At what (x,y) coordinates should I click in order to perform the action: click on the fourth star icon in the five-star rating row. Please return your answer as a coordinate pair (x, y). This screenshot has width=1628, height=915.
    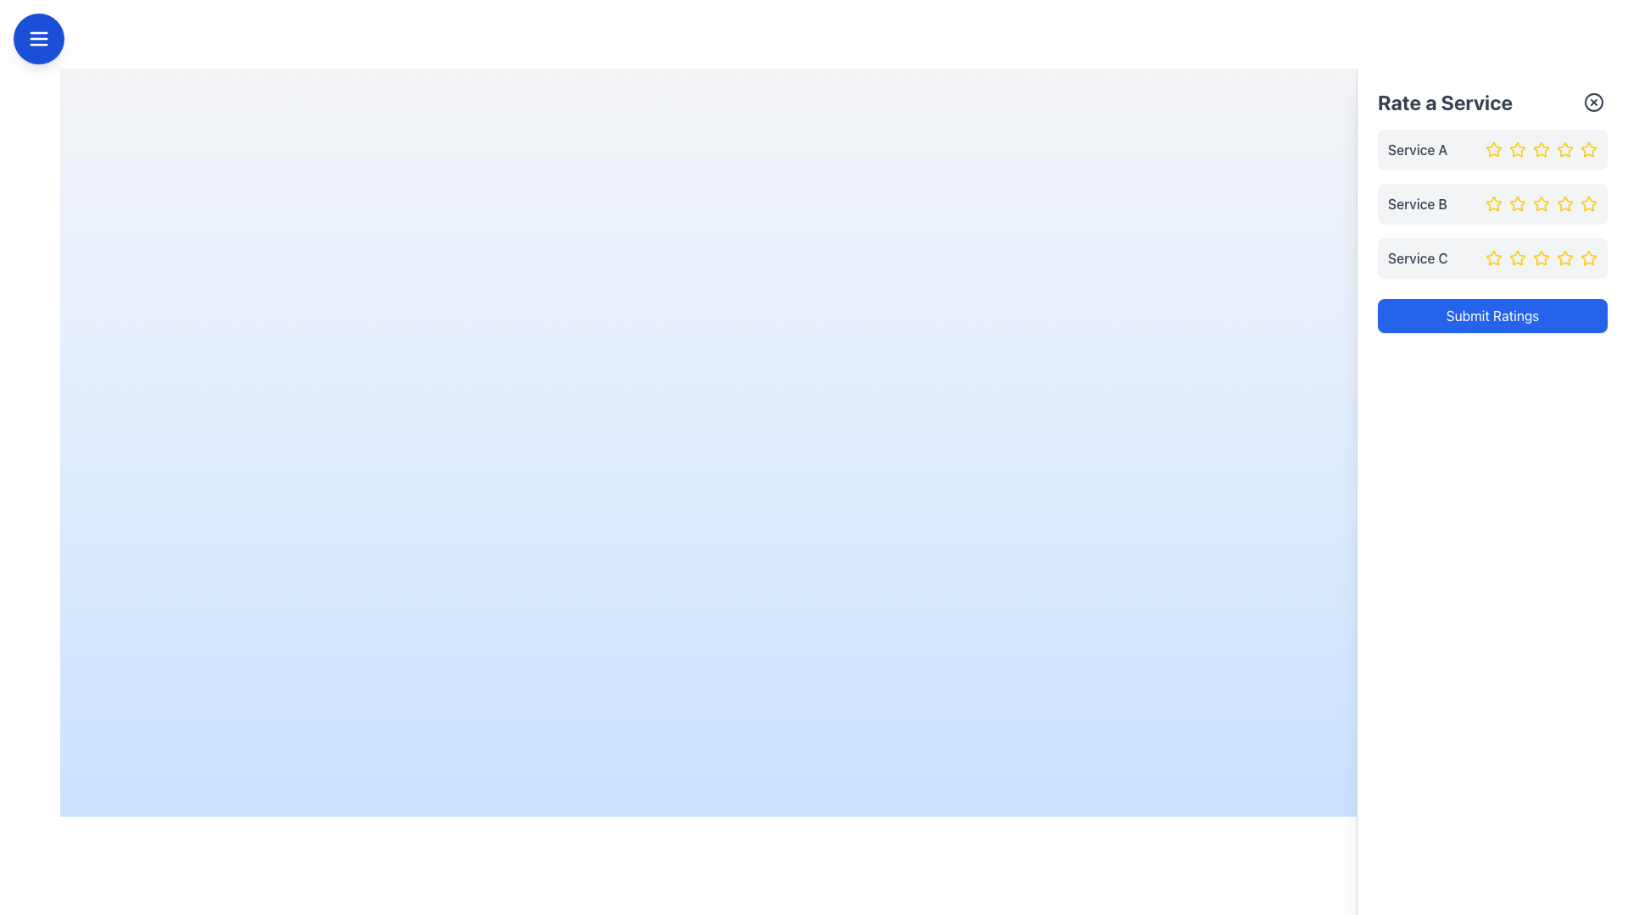
    Looking at the image, I should click on (1542, 202).